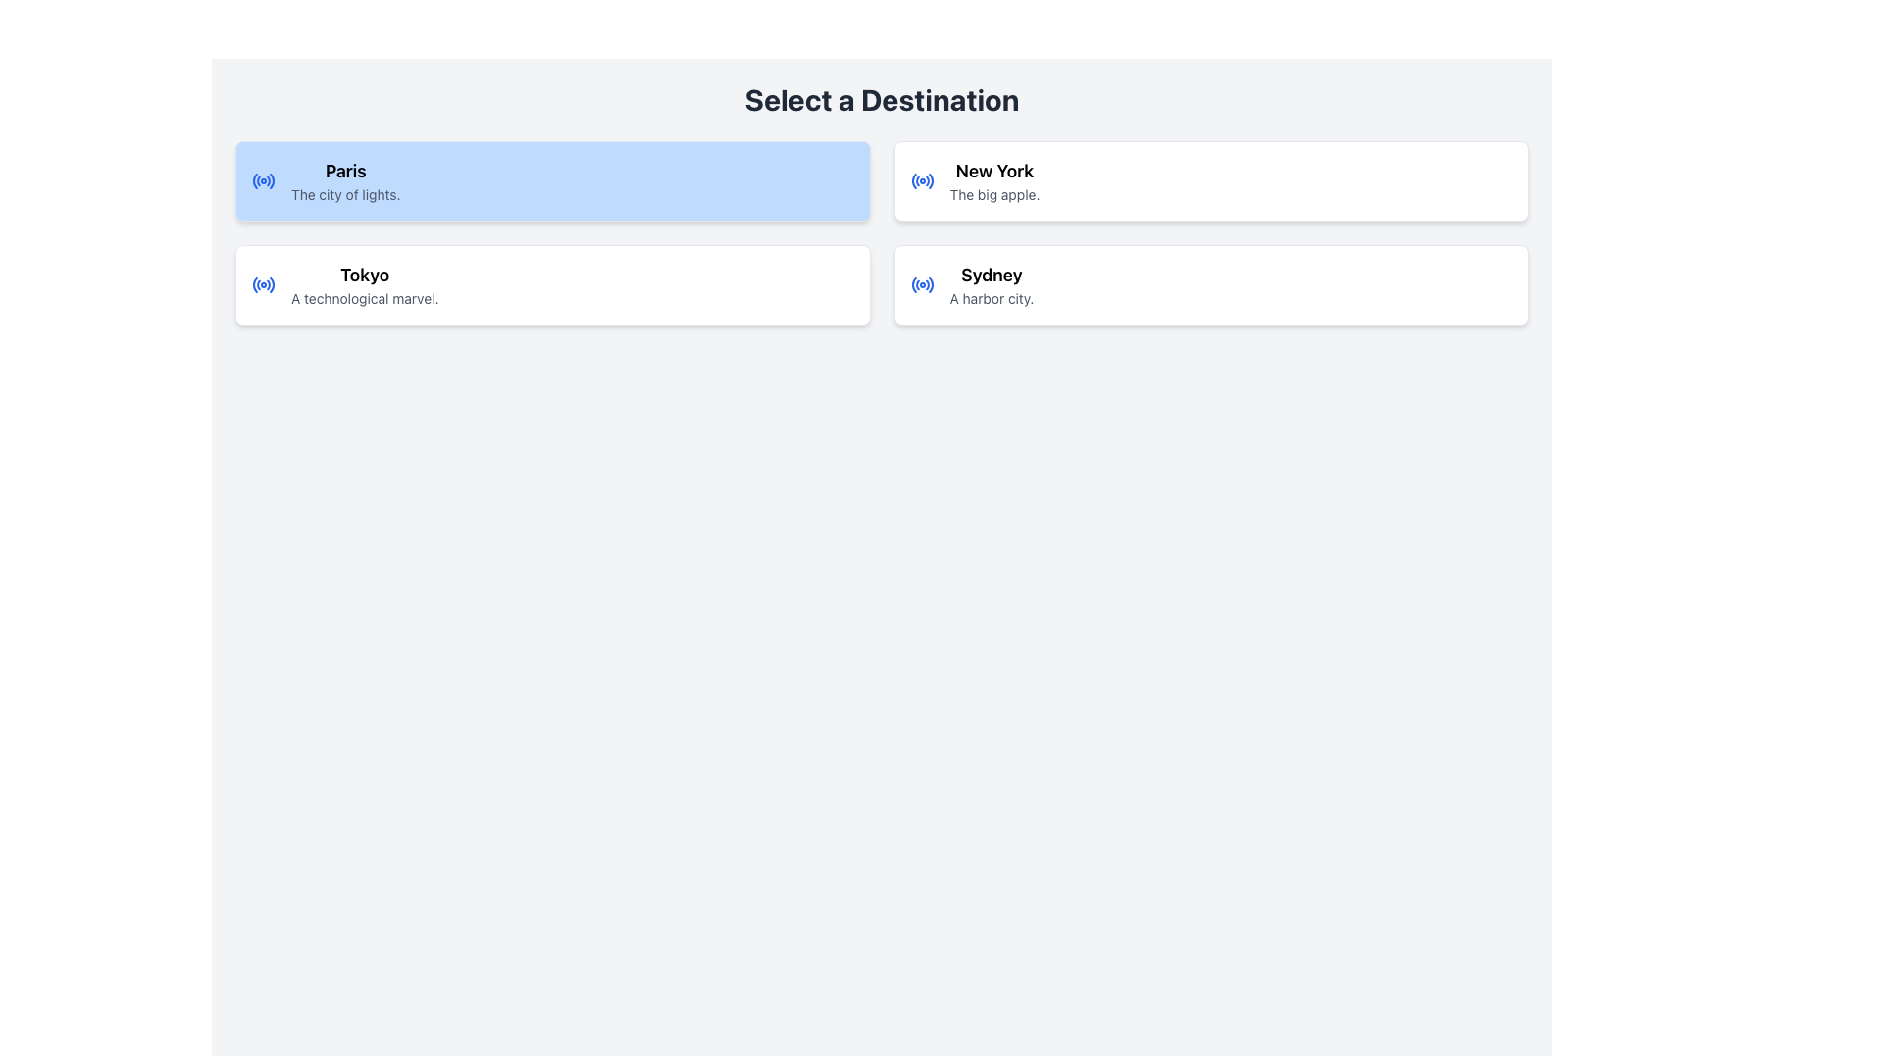 The width and height of the screenshot is (1883, 1059). What do you see at coordinates (551, 284) in the screenshot?
I see `the card titled 'Tokyo' which is located in the second row and the first column of a 2x2 grid layout` at bounding box center [551, 284].